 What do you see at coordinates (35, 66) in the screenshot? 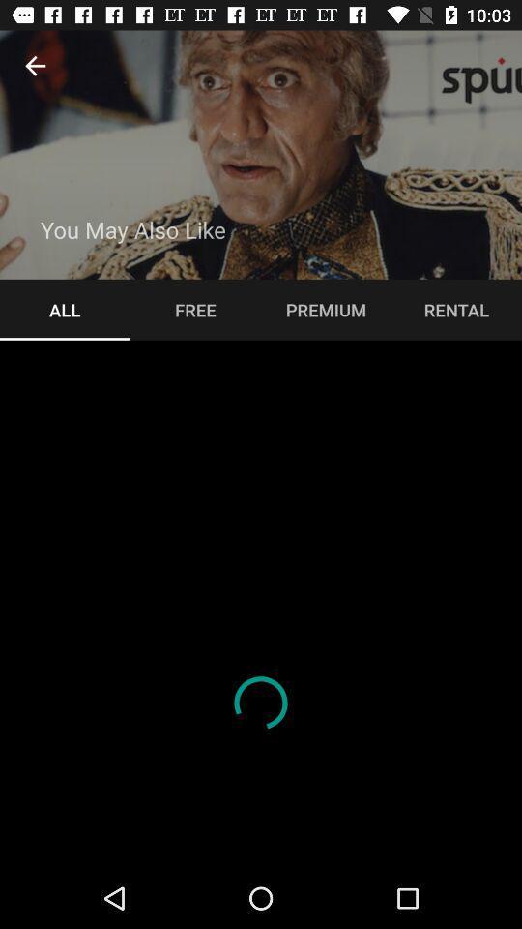
I see `item at the top left corner` at bounding box center [35, 66].